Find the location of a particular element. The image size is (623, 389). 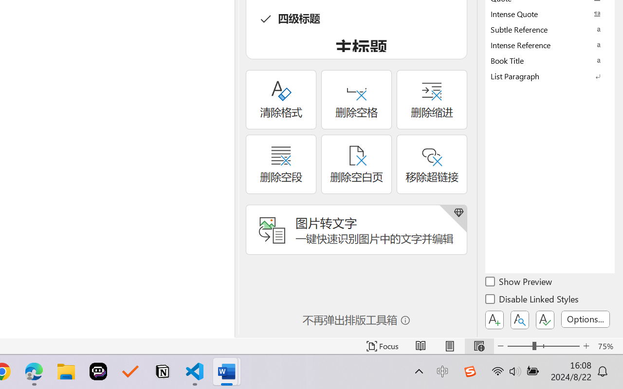

'Zoom' is located at coordinates (543, 346).